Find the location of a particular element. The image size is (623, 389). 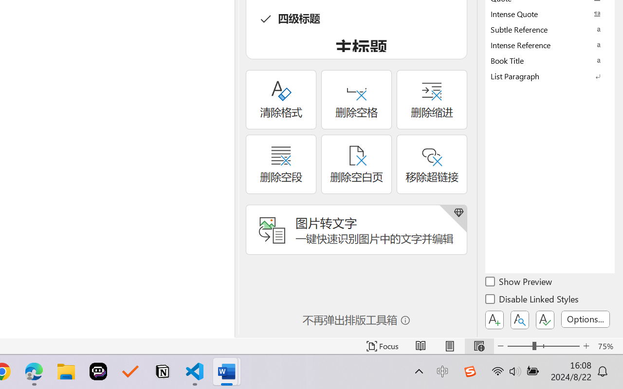

'Zoom' is located at coordinates (543, 346).